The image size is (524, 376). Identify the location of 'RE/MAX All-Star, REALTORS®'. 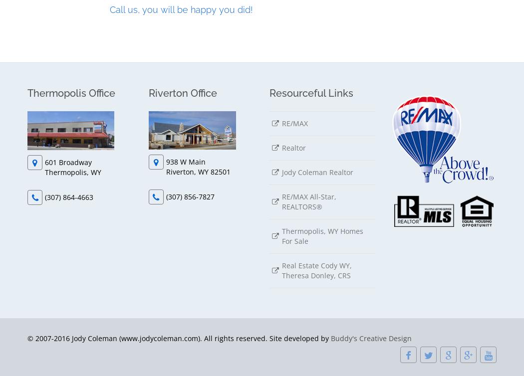
(309, 201).